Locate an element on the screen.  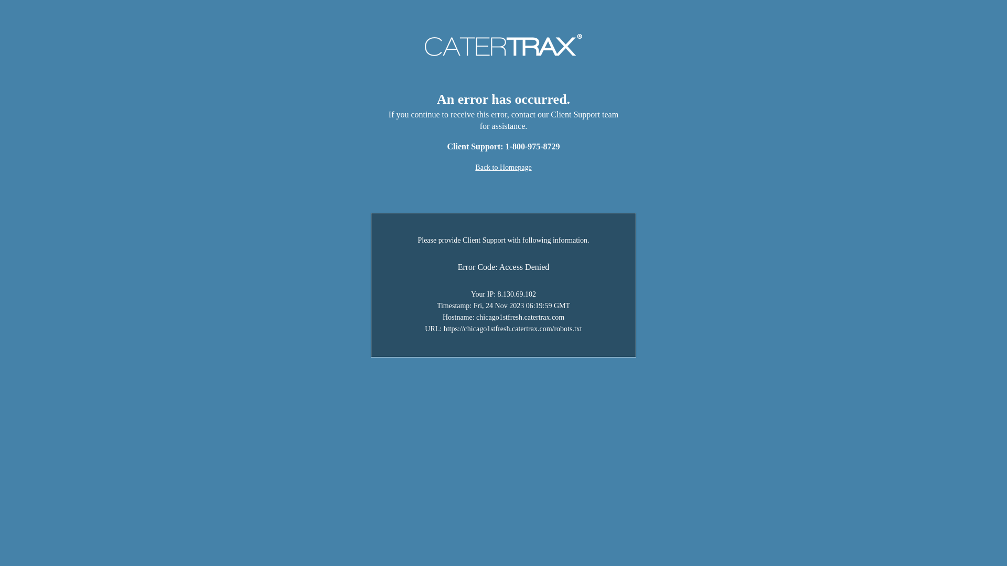
'Back to Homepage' is located at coordinates (502, 167).